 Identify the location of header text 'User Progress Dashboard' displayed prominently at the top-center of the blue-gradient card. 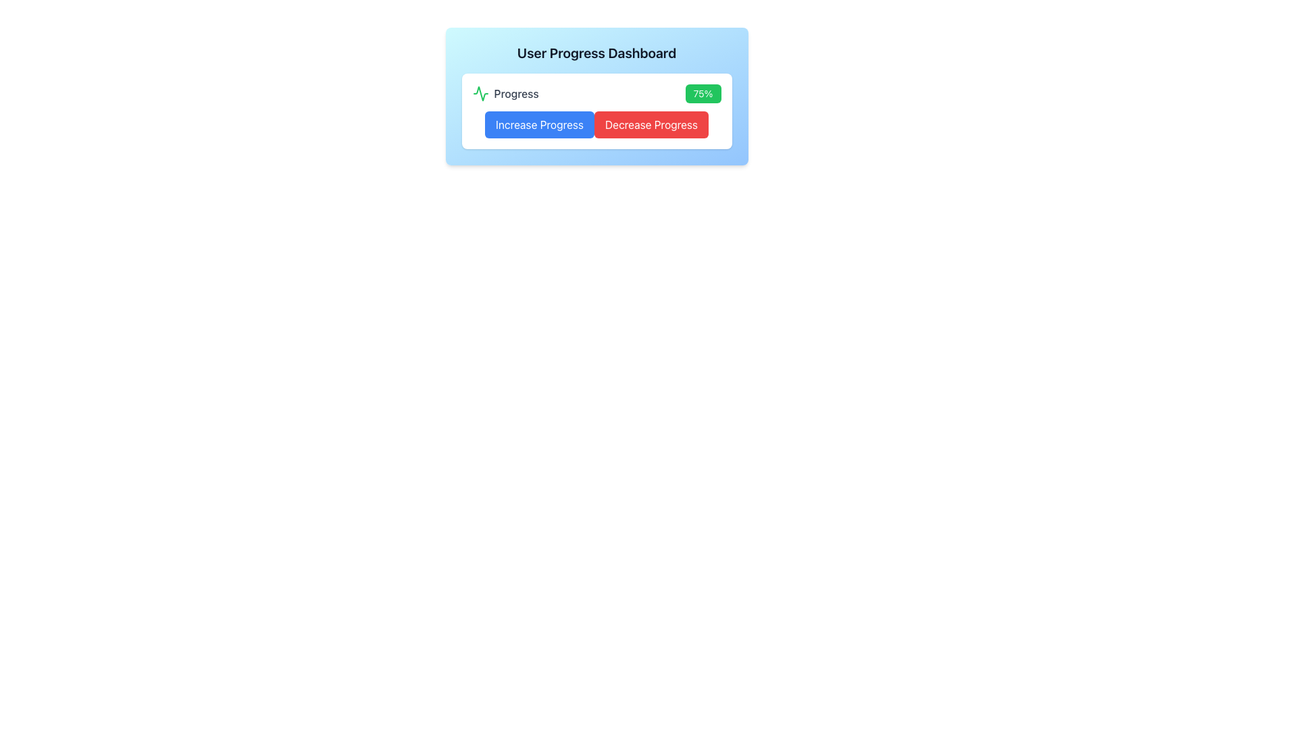
(596, 52).